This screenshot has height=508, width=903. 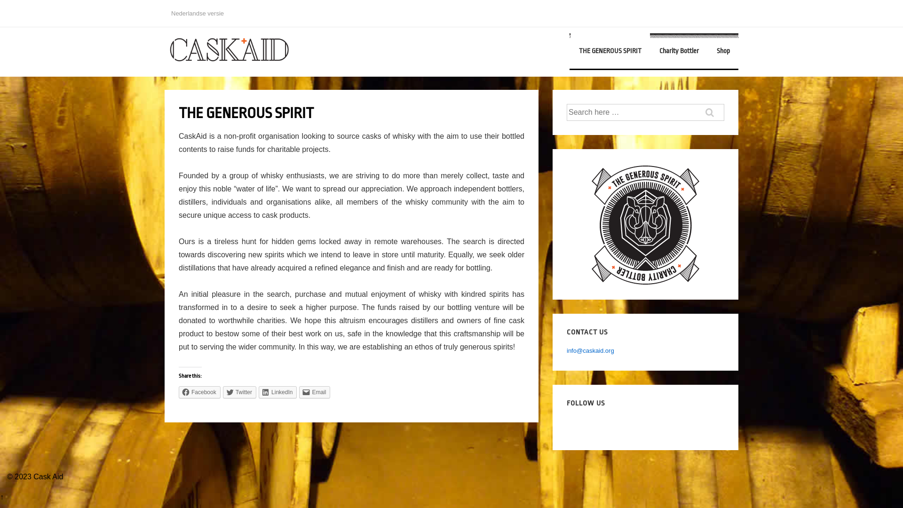 What do you see at coordinates (679, 51) in the screenshot?
I see `'Charity Bottler'` at bounding box center [679, 51].